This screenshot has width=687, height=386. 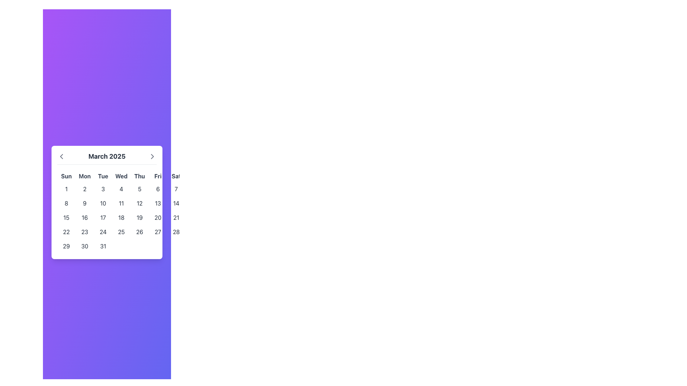 What do you see at coordinates (176, 217) in the screenshot?
I see `the static text element displaying the number '21' in a bold font, located in the last column of the Saturday row in the calendar interface` at bounding box center [176, 217].